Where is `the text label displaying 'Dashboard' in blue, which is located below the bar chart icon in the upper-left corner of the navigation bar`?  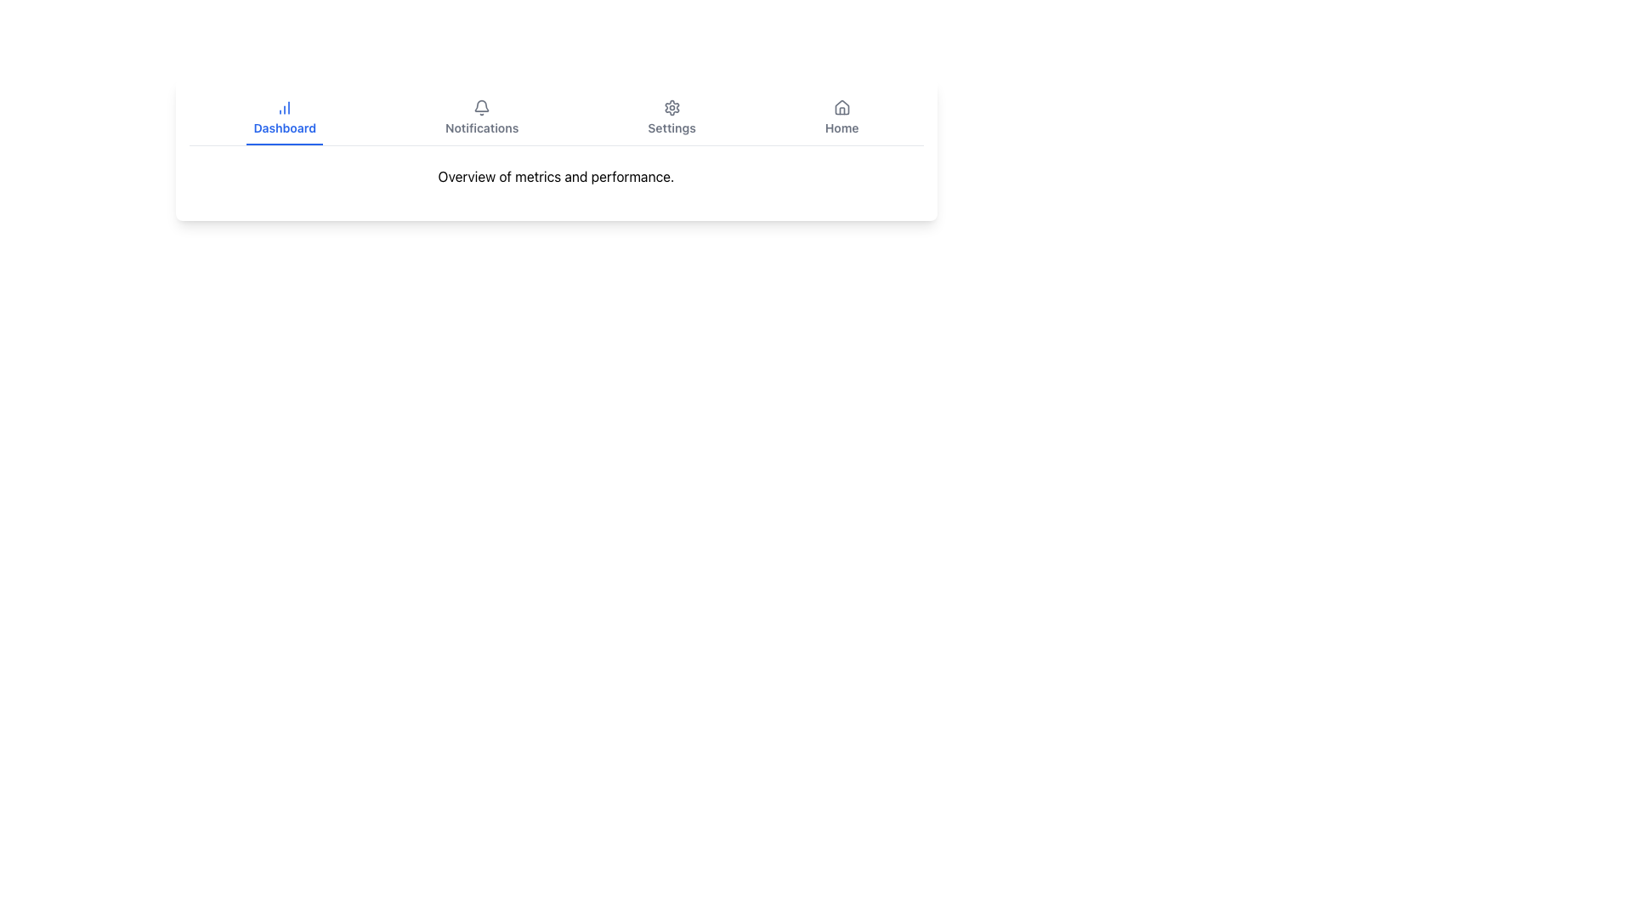 the text label displaying 'Dashboard' in blue, which is located below the bar chart icon in the upper-left corner of the navigation bar is located at coordinates (285, 127).